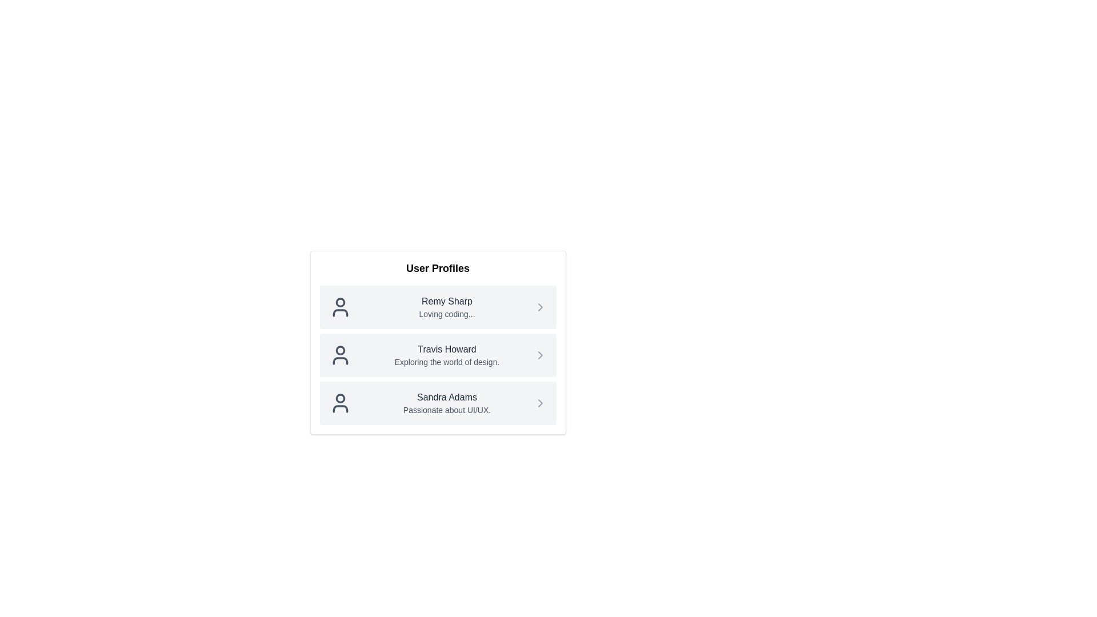 The width and height of the screenshot is (1097, 617). I want to click on the second user profile list item located under the title 'User Profiles', which displays brief information about a user, so click(437, 342).